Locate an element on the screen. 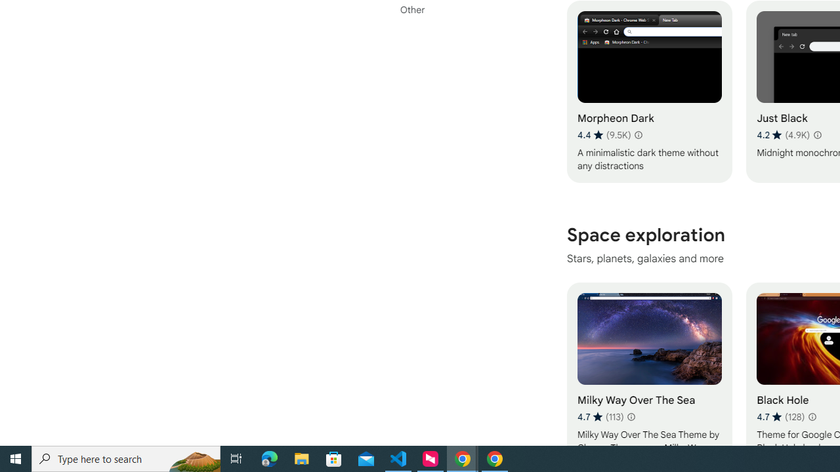 This screenshot has width=840, height=472. 'Average rating 4.2 out of 5 stars. 4.9K ratings.' is located at coordinates (782, 134).